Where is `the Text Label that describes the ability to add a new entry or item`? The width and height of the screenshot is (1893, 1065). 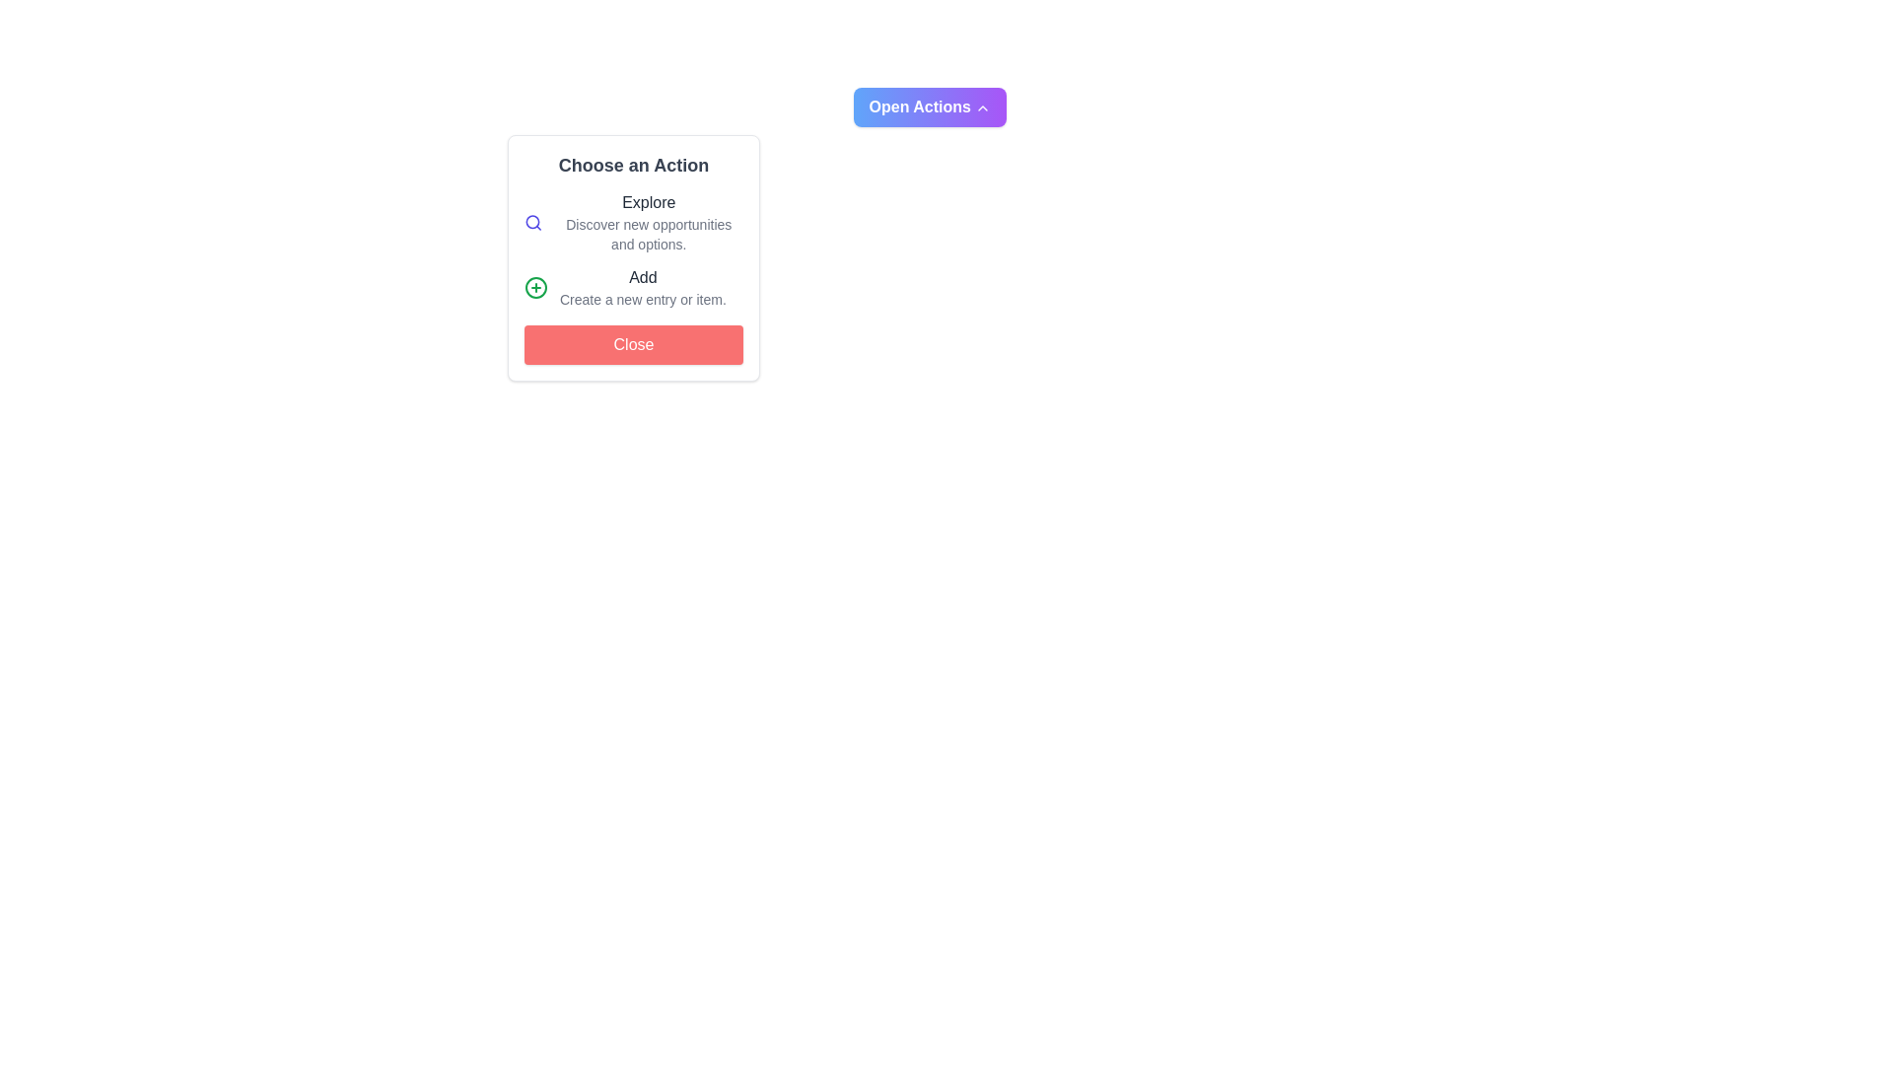
the Text Label that describes the ability to add a new entry or item is located at coordinates (643, 288).